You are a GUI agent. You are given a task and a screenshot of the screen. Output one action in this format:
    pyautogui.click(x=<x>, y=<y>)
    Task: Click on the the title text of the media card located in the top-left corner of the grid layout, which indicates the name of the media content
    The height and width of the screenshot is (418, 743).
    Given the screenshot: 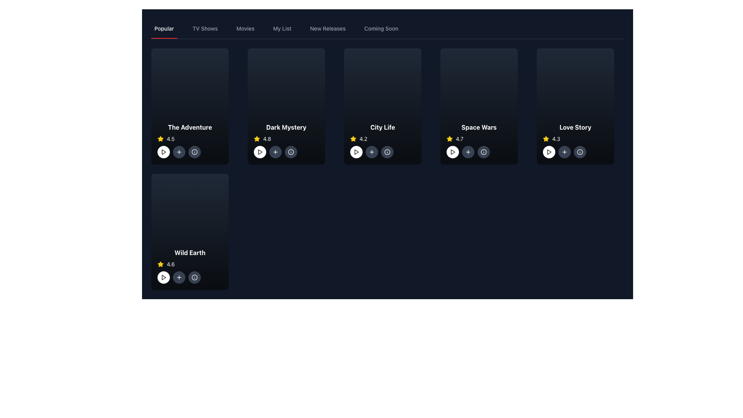 What is the action you would take?
    pyautogui.click(x=190, y=127)
    